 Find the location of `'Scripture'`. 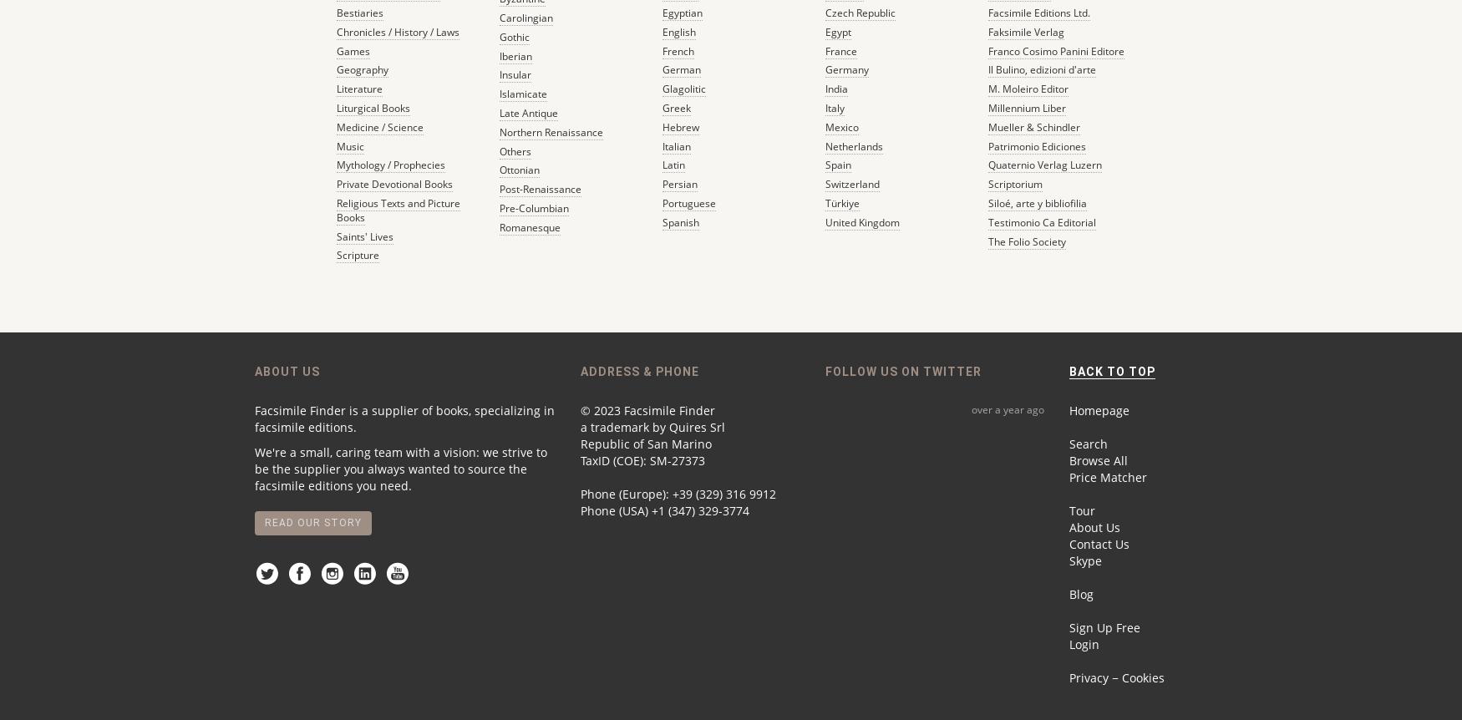

'Scripture' is located at coordinates (356, 255).